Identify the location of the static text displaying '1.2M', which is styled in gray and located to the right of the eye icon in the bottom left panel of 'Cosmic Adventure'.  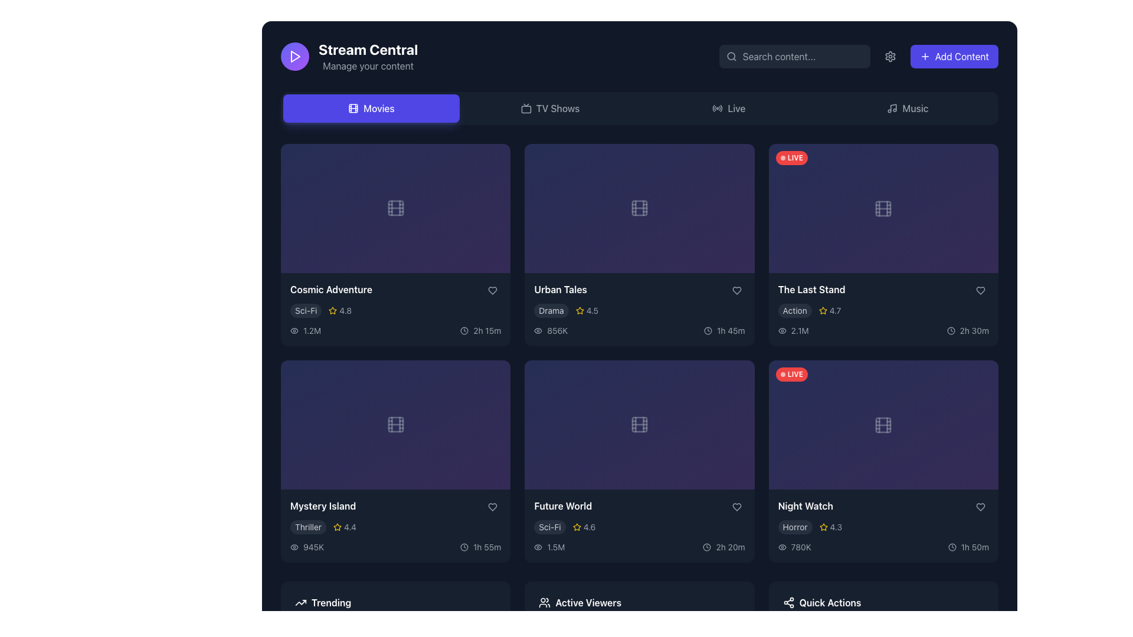
(312, 330).